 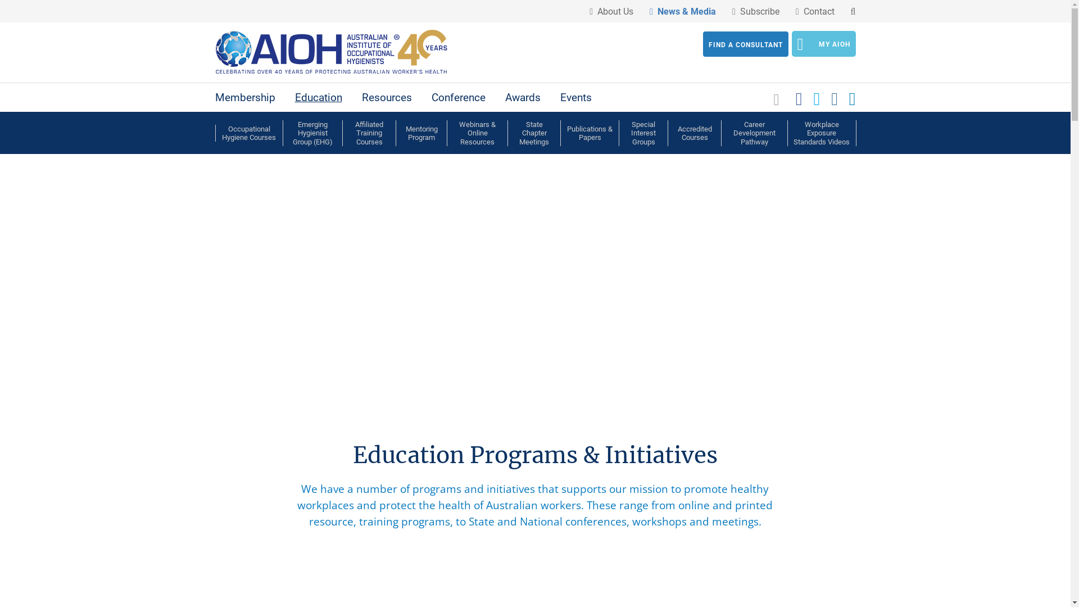 What do you see at coordinates (248, 132) in the screenshot?
I see `'Occupational Hygiene Courses'` at bounding box center [248, 132].